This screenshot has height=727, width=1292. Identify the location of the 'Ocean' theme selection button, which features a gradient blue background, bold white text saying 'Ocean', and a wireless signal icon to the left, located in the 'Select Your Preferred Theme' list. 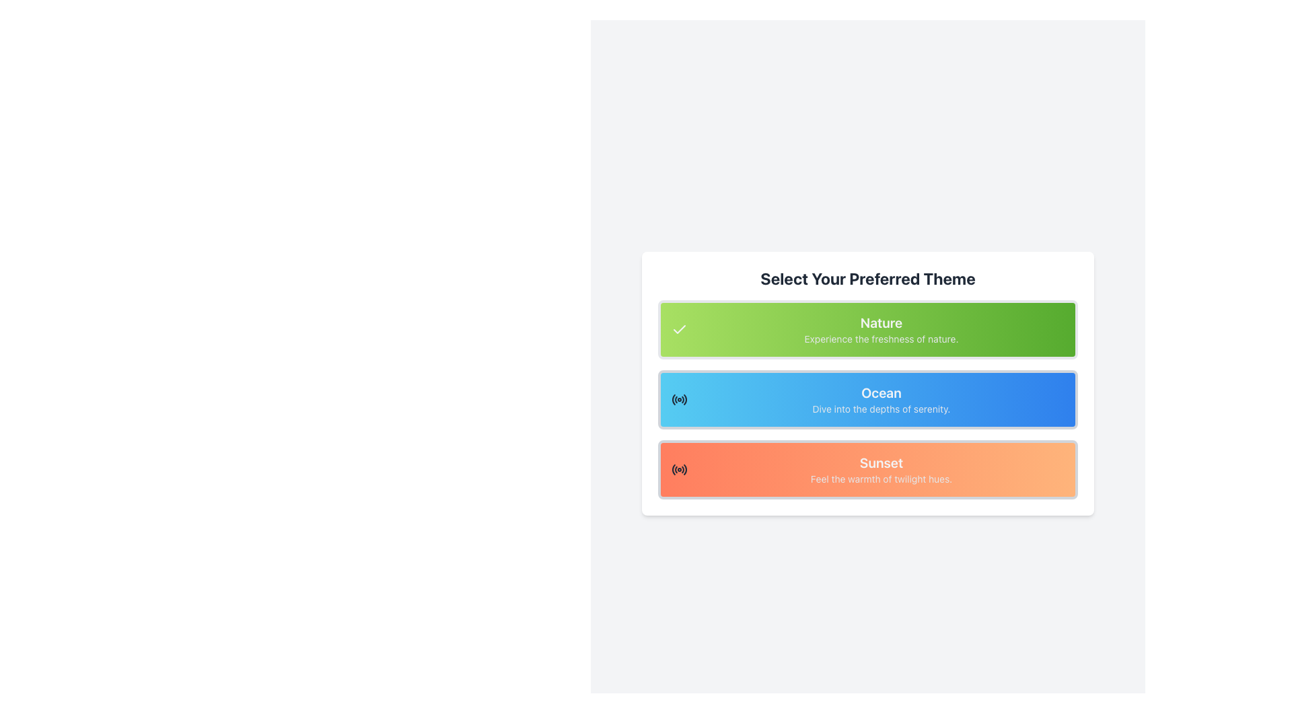
(868, 399).